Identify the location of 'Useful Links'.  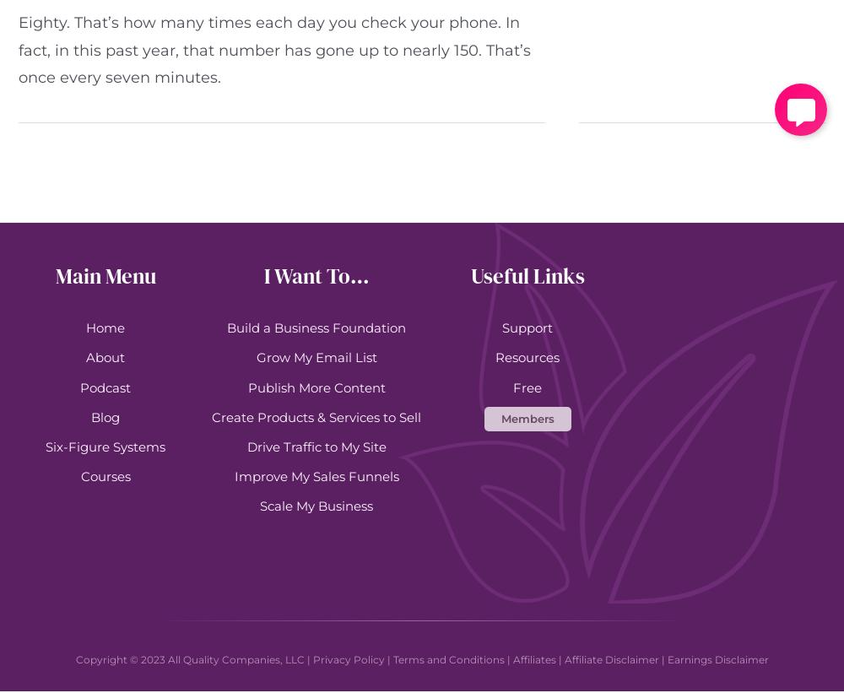
(470, 275).